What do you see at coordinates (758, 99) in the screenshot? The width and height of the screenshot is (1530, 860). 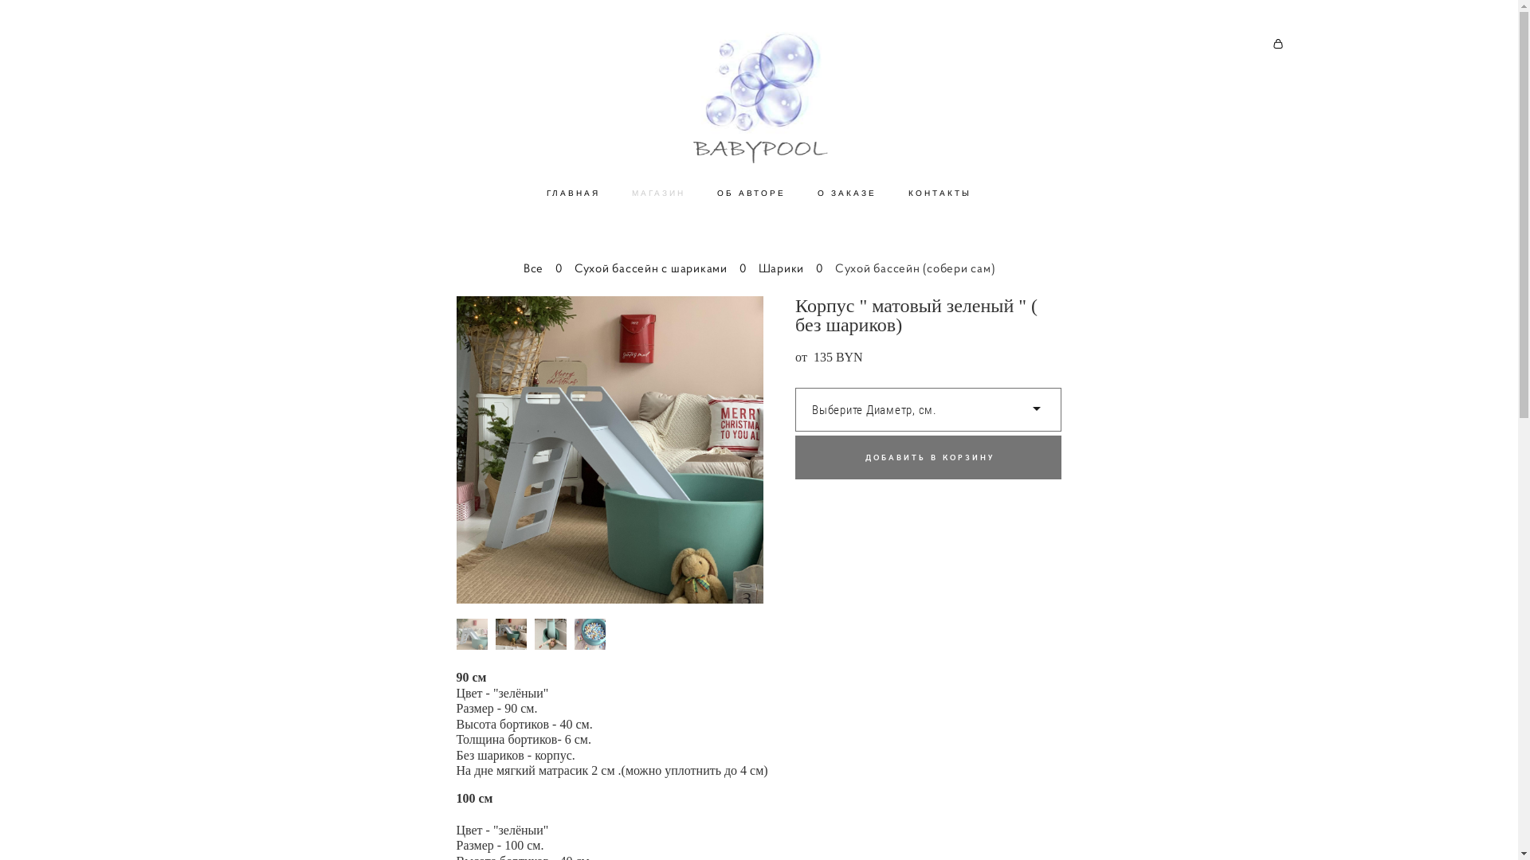 I see `'BABYPOOL.BY'` at bounding box center [758, 99].